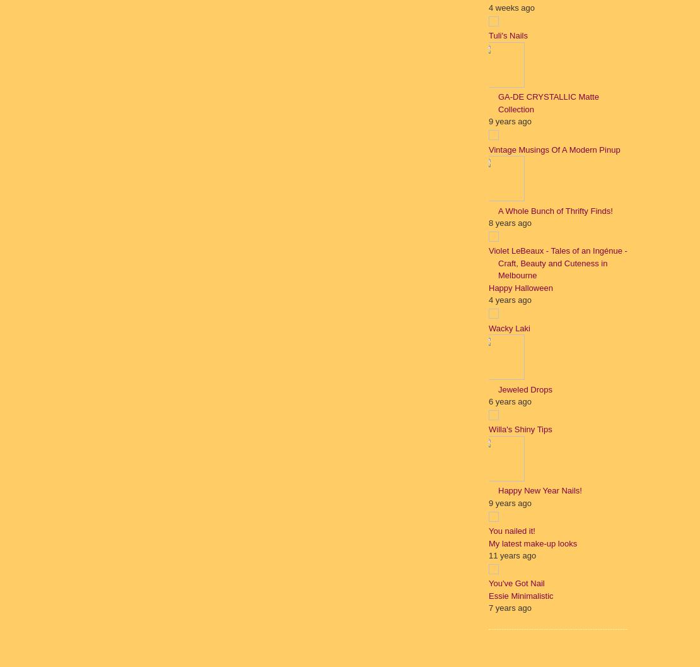 This screenshot has height=667, width=700. What do you see at coordinates (520, 429) in the screenshot?
I see `'Willa's Shiny Tips'` at bounding box center [520, 429].